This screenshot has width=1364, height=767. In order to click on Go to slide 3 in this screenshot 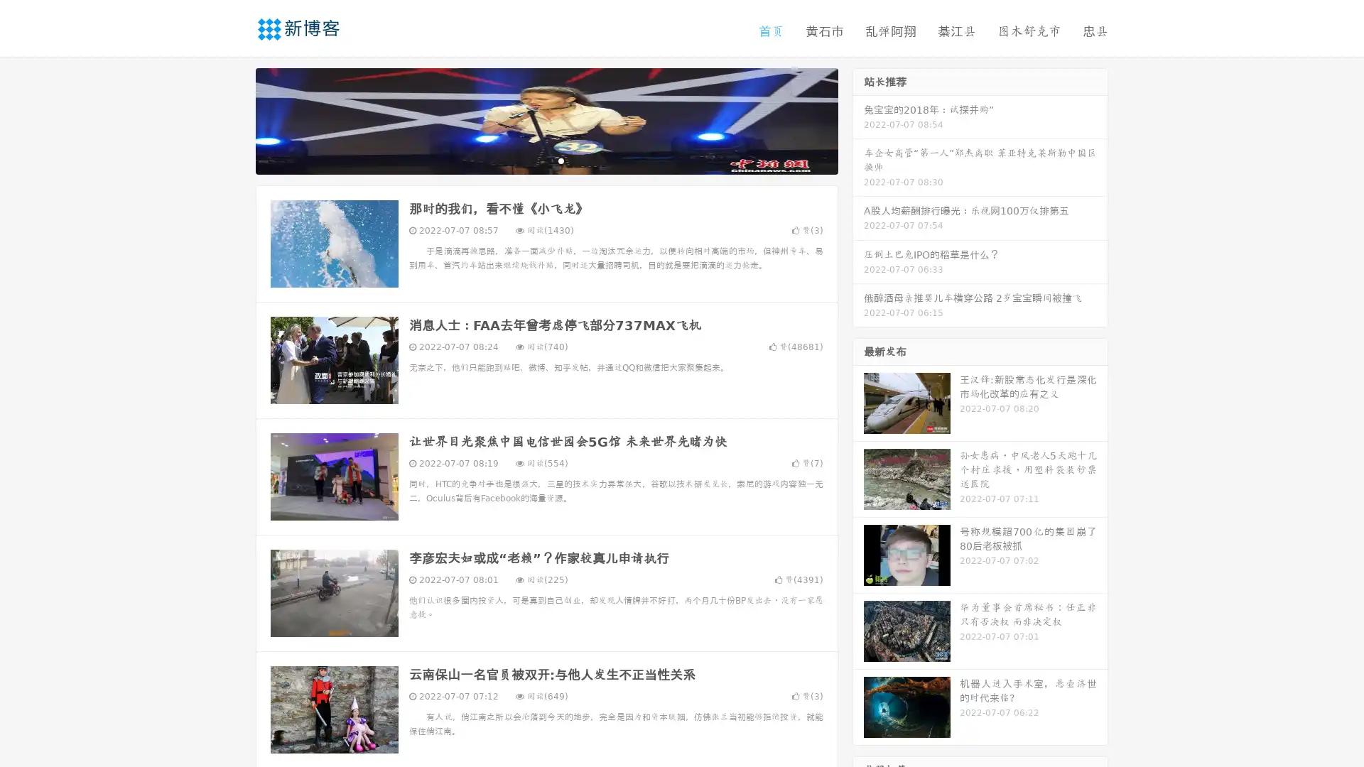, I will do `click(561, 160)`.